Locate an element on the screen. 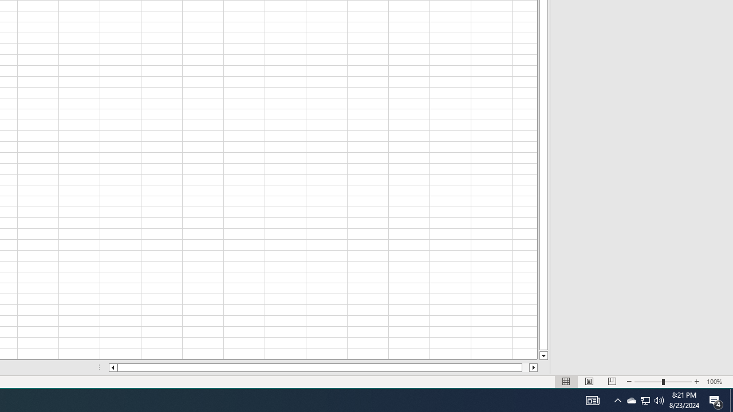 The height and width of the screenshot is (412, 733). 'Zoom In' is located at coordinates (696, 382).